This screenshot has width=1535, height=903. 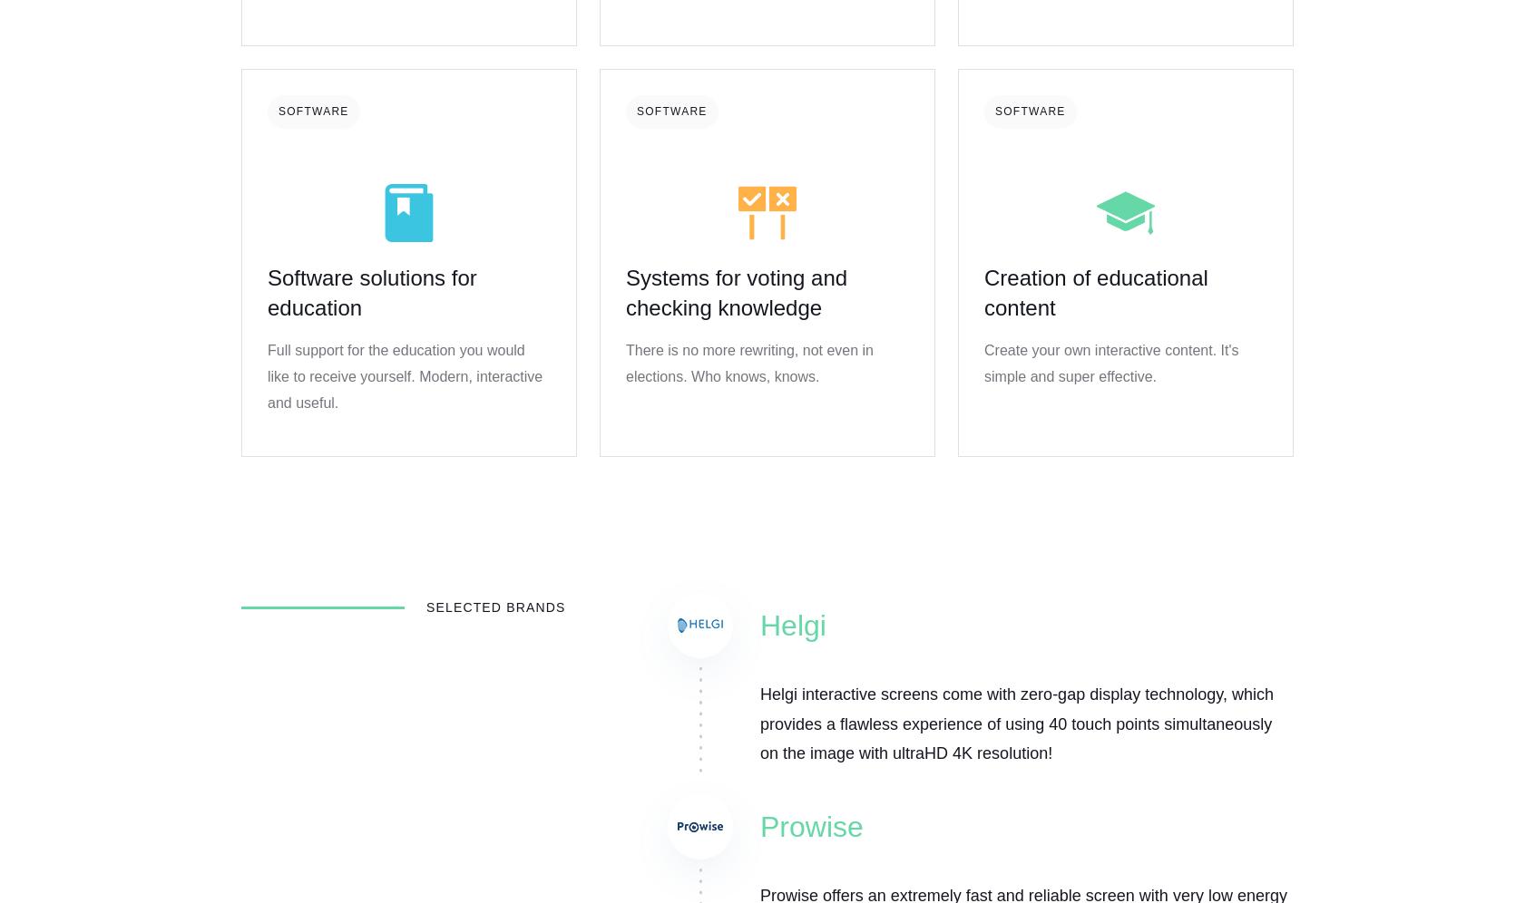 I want to click on 'There is no more rewriting, not even in elections. Who knows, knows.', so click(x=625, y=362).